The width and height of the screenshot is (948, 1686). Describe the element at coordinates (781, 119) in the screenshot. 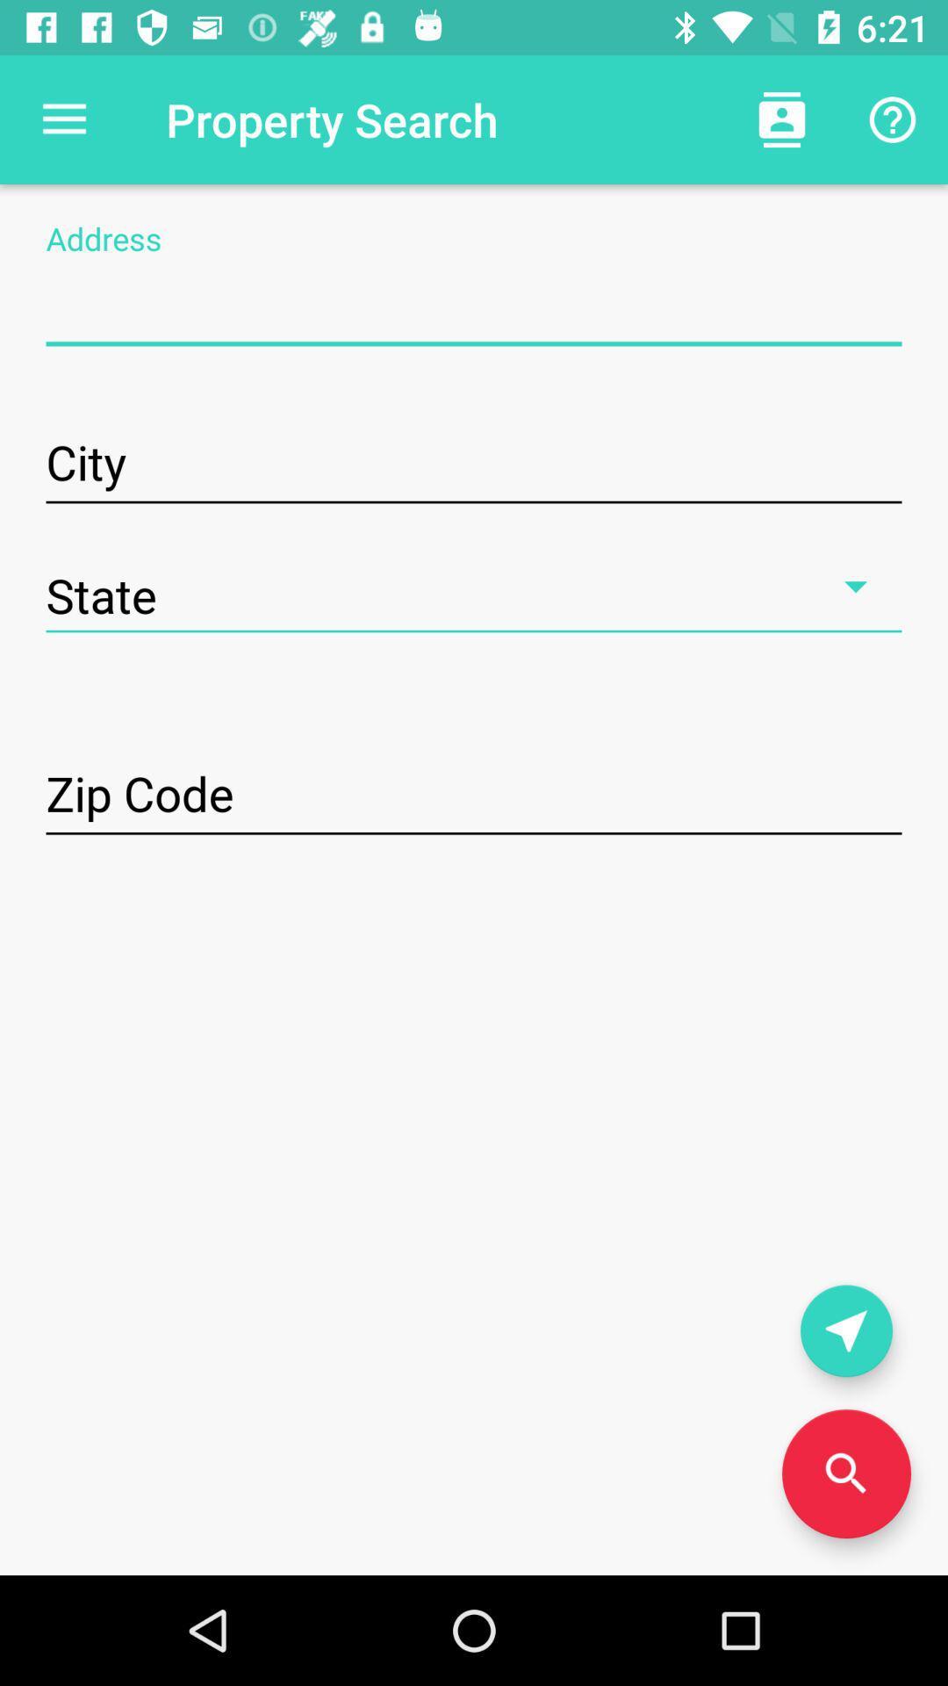

I see `item to the right of property search icon` at that location.